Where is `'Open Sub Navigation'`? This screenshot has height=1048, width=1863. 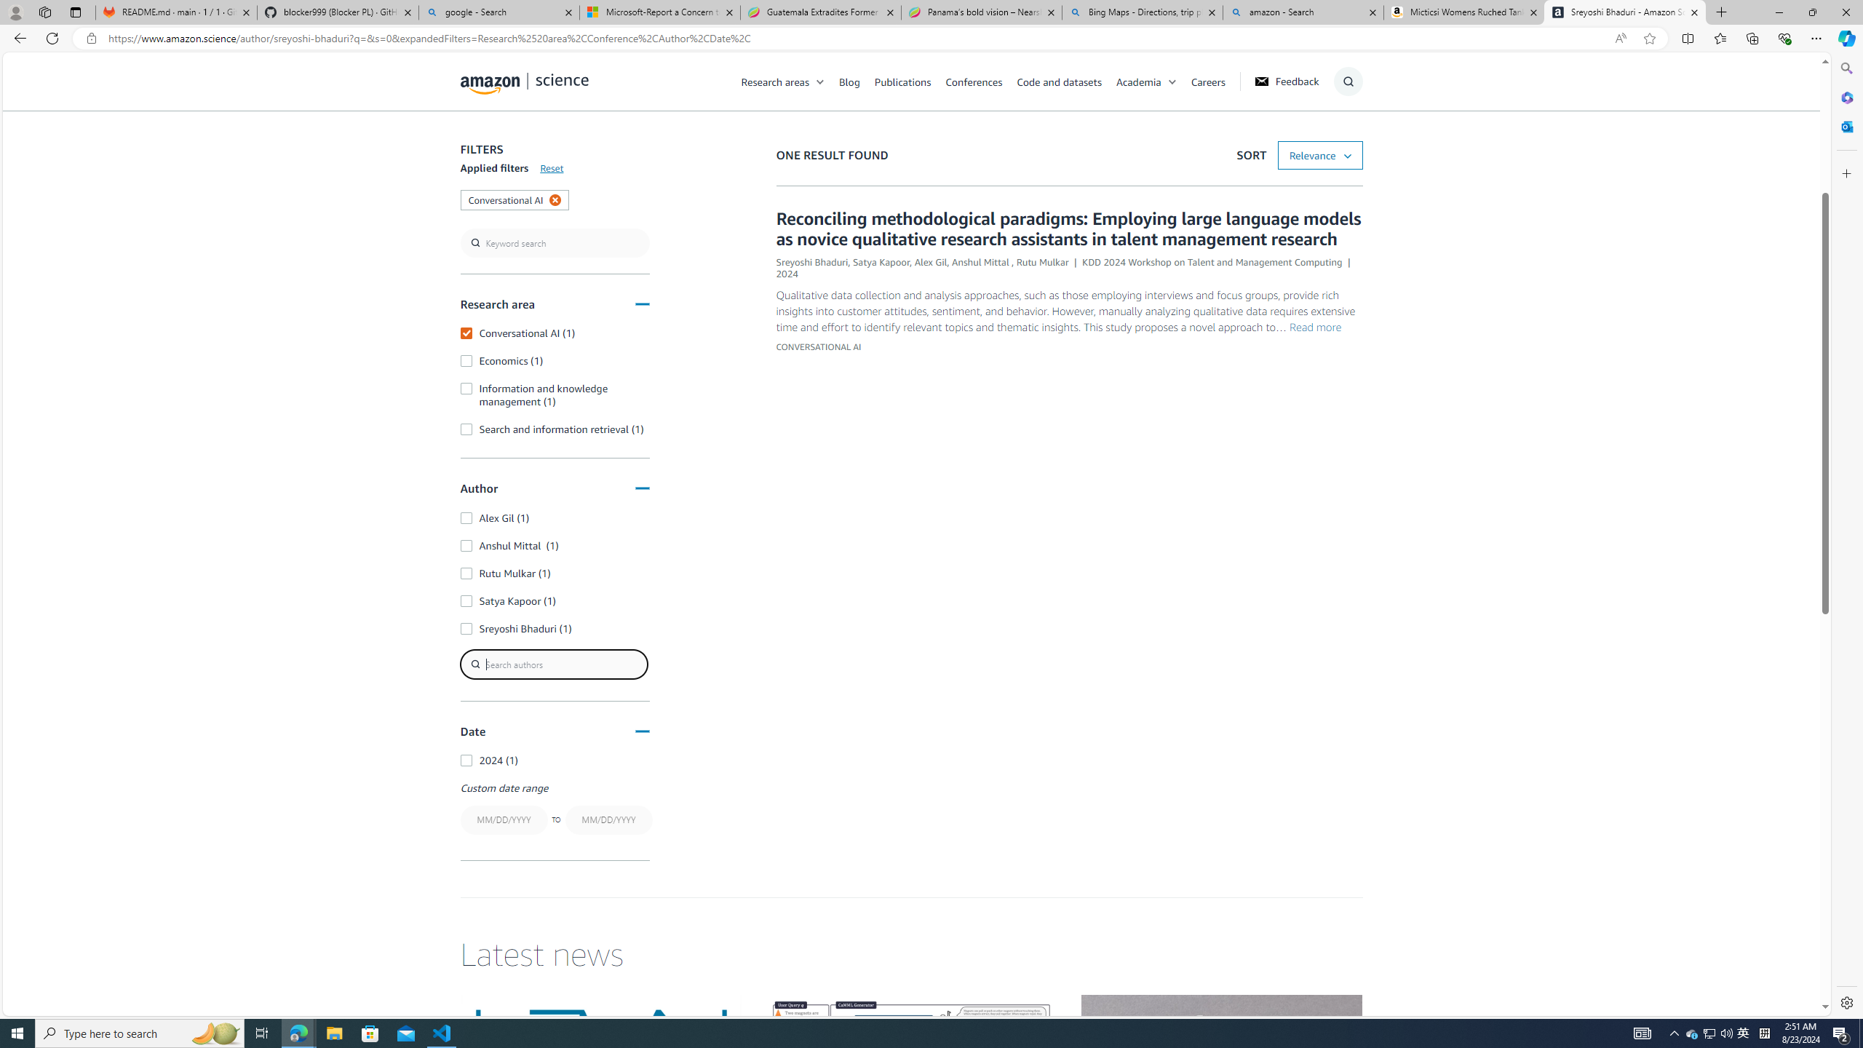
'Open Sub Navigation' is located at coordinates (1172, 81).